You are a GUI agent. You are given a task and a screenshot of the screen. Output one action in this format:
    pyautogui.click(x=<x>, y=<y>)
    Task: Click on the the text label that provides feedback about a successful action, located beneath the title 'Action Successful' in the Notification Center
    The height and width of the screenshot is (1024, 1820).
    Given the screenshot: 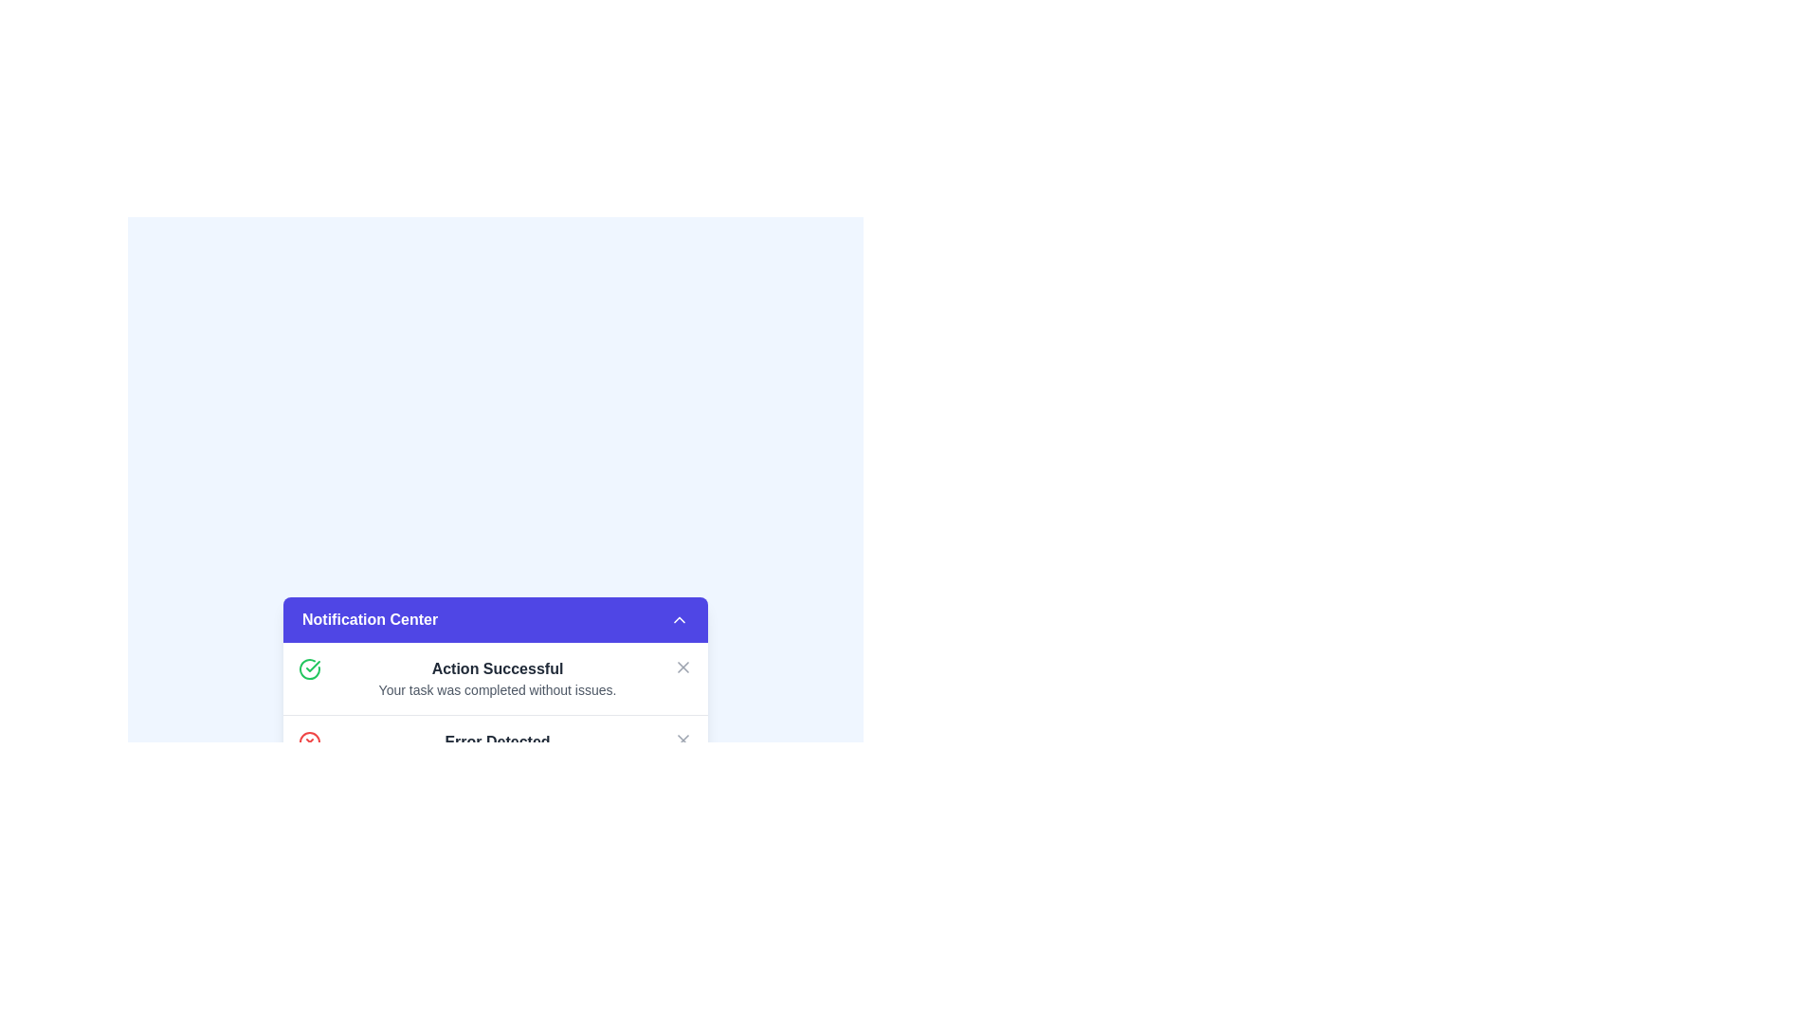 What is the action you would take?
    pyautogui.click(x=497, y=690)
    